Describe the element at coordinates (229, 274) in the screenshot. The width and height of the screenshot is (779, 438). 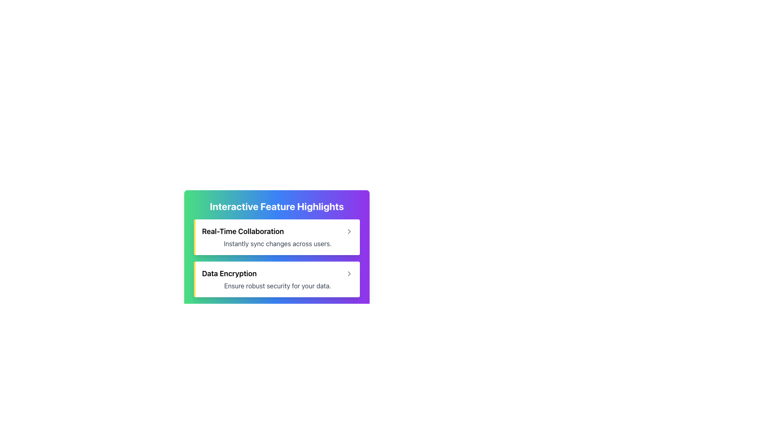
I see `the 'Data Encryption' text label which is styled in bold and large black font, located on a white rectangular background within a card-like layout` at that location.